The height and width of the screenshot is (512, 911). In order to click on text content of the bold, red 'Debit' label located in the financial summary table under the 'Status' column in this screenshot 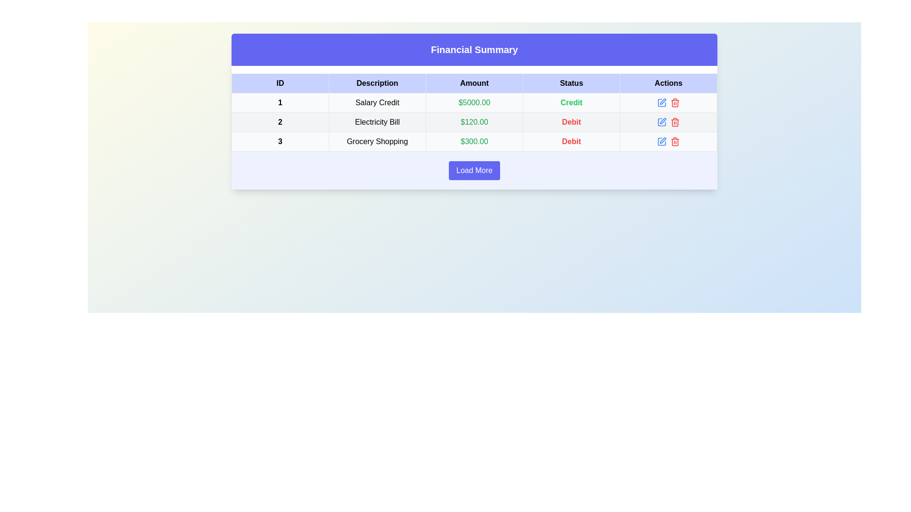, I will do `click(571, 142)`.